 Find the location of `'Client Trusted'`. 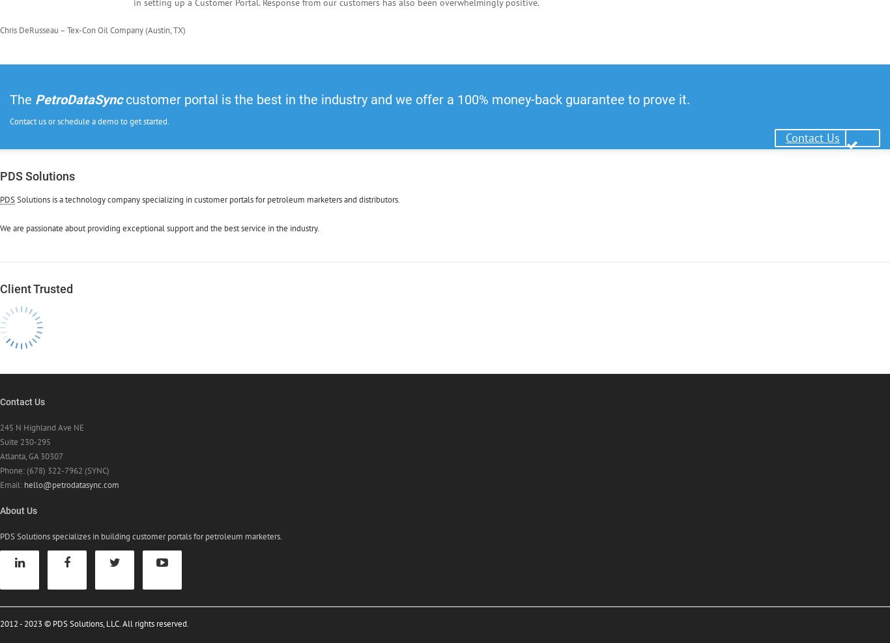

'Client Trusted' is located at coordinates (36, 288).